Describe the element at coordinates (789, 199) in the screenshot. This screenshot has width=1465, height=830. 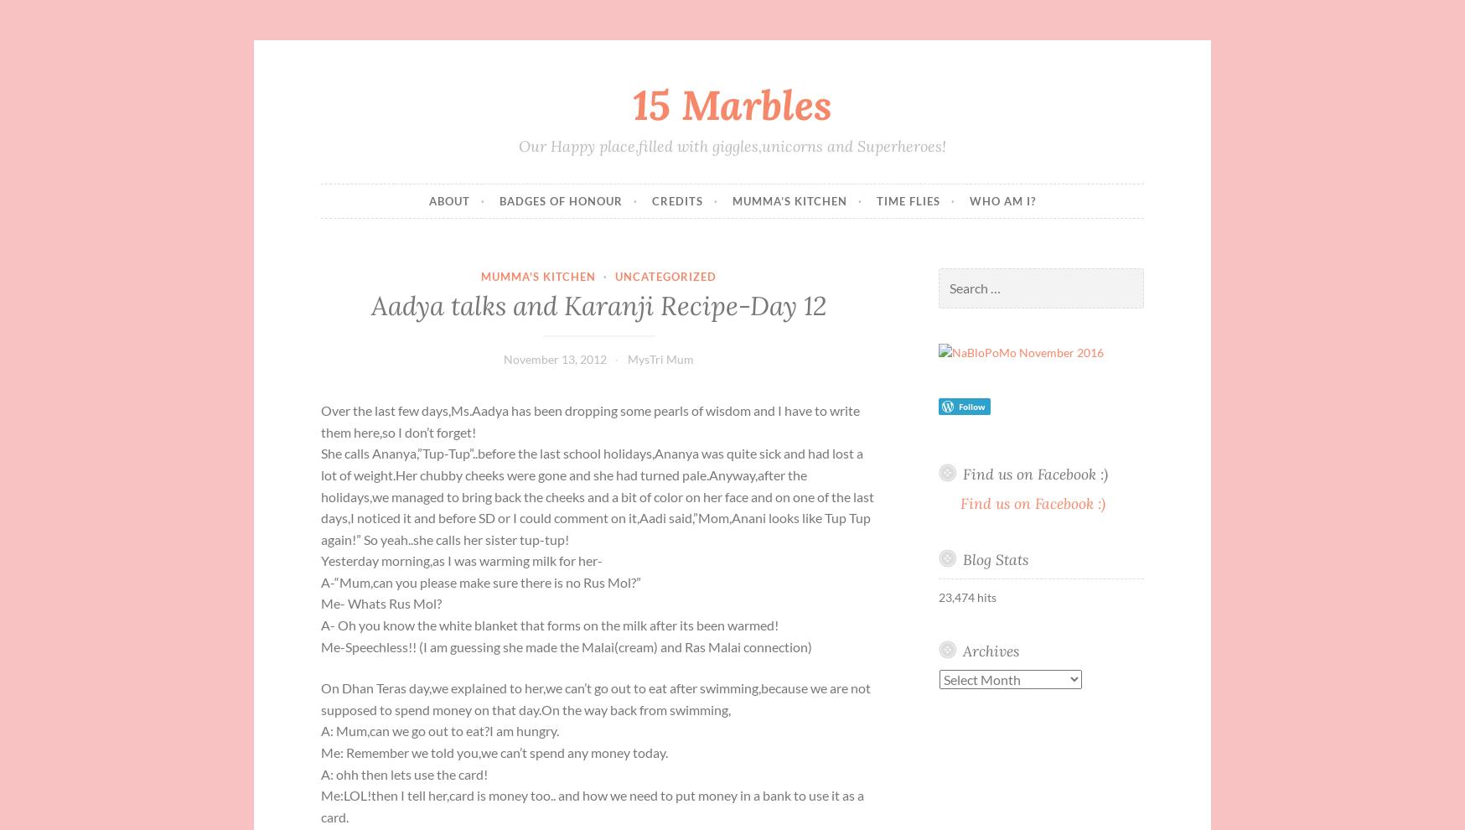
I see `'Mumma’s Kitchen'` at that location.